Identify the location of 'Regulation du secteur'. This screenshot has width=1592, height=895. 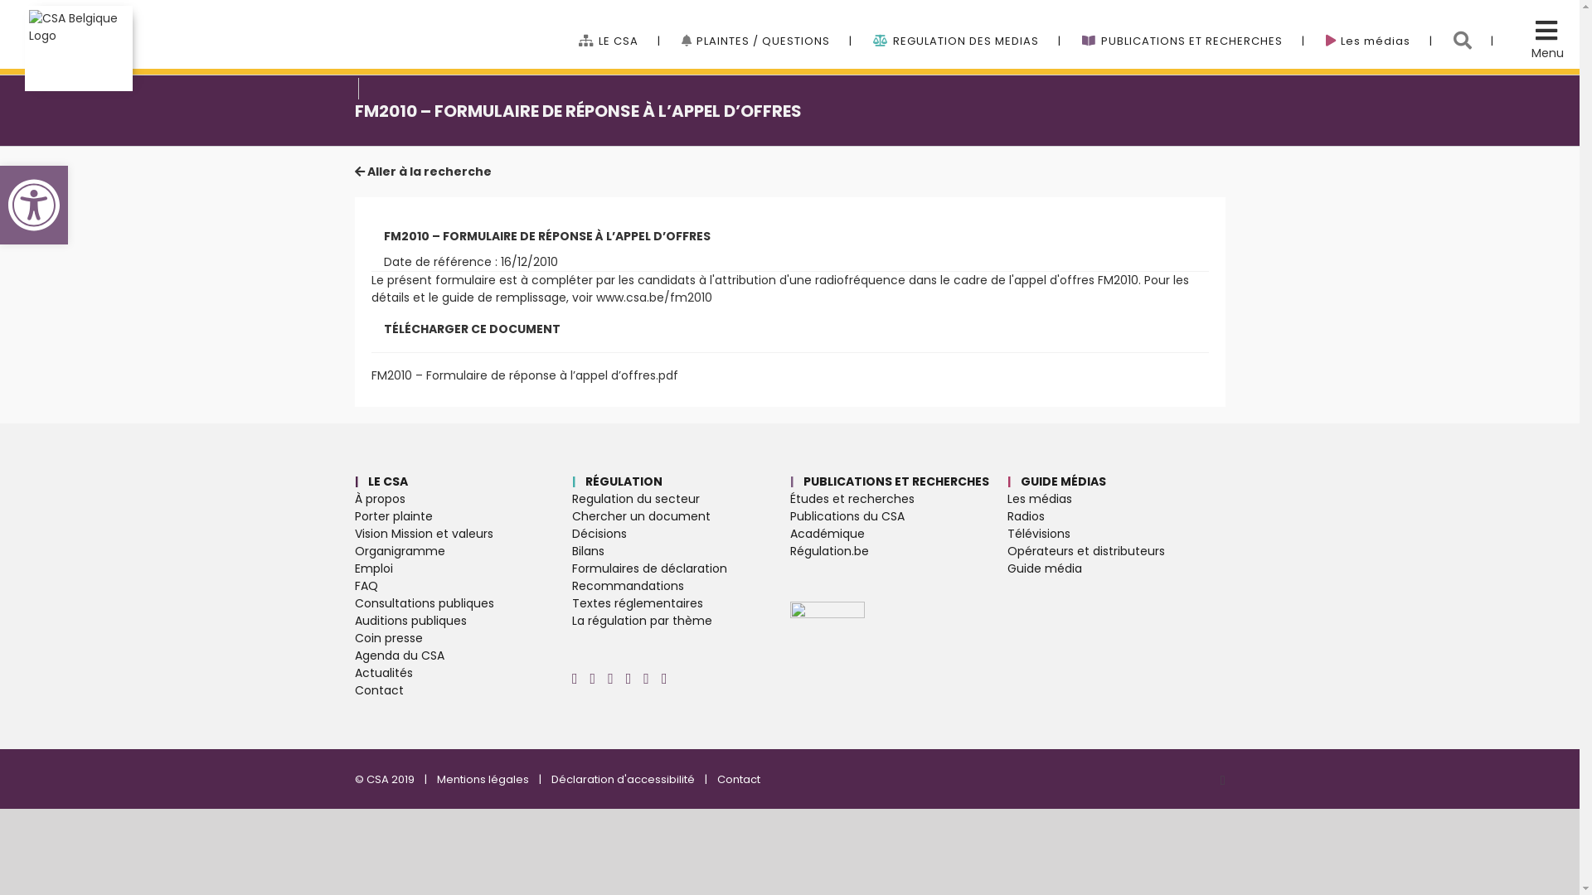
(681, 498).